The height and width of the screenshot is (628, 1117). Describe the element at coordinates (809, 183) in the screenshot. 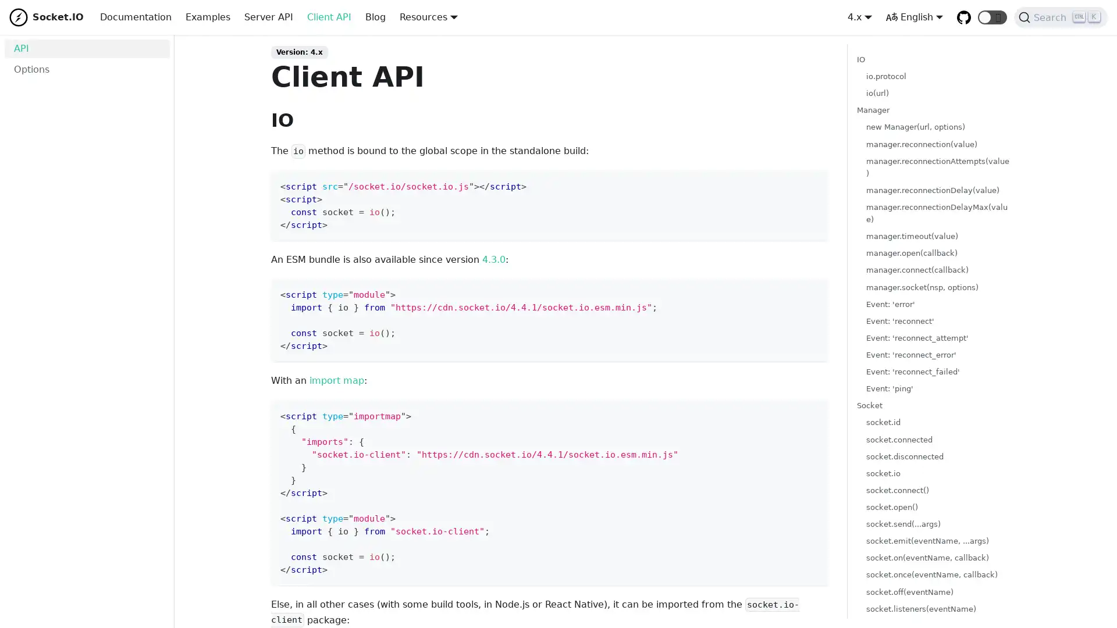

I see `Copy code to clipboard` at that location.